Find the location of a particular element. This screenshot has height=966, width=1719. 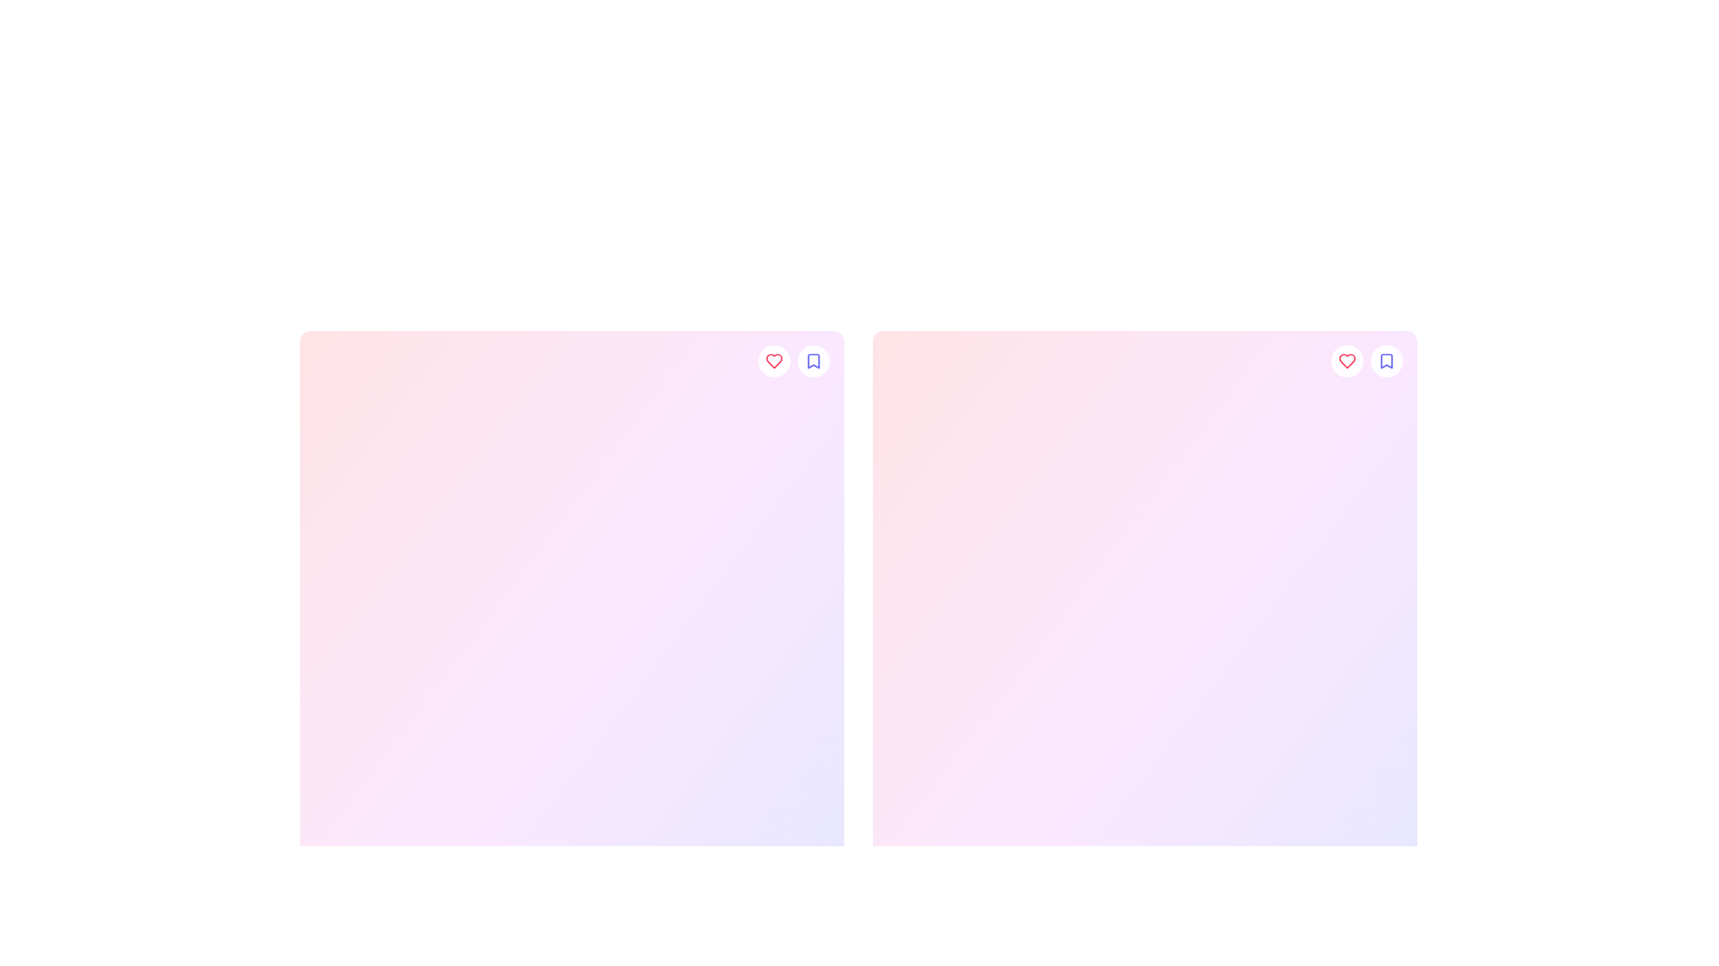

the circular button with a white background and a heart outline icon in the top right corner of the interface to observe interactive effects is located at coordinates (1347, 361).